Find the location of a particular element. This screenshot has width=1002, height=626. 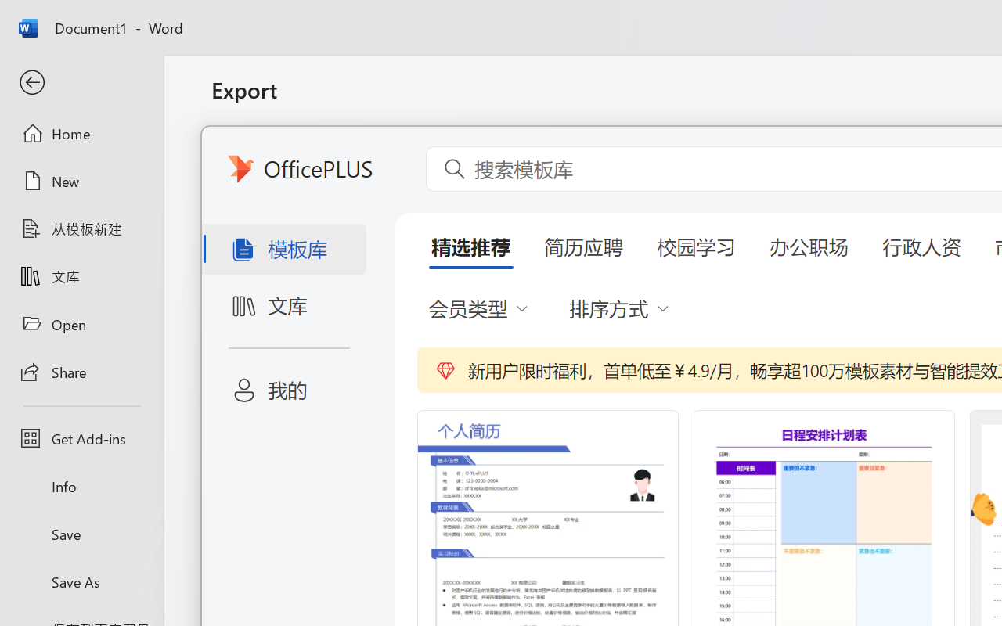

'New' is located at coordinates (81, 181).